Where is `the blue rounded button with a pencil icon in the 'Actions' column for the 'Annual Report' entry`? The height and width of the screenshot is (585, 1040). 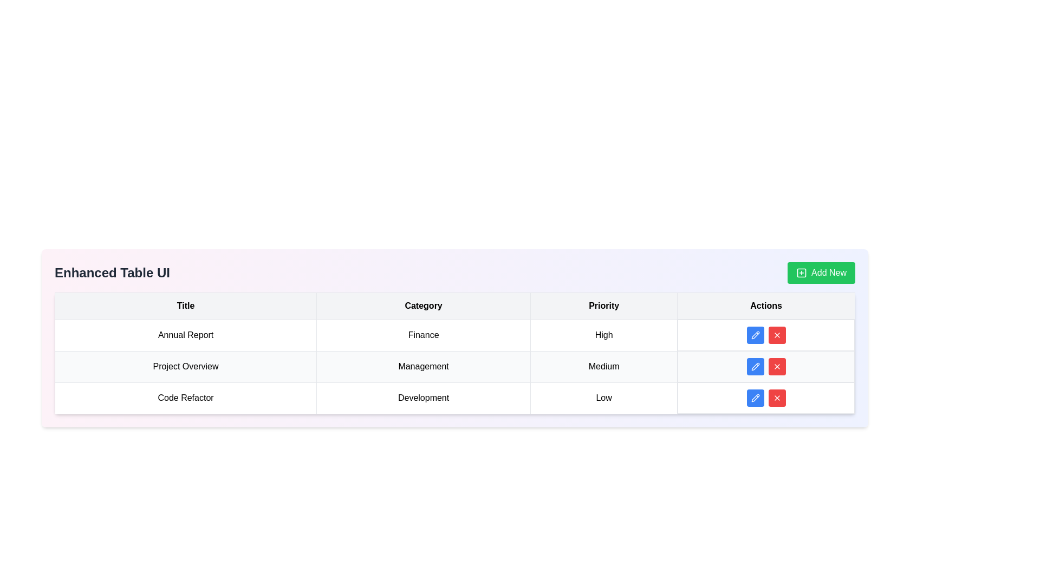
the blue rounded button with a pencil icon in the 'Actions' column for the 'Annual Report' entry is located at coordinates (755, 334).